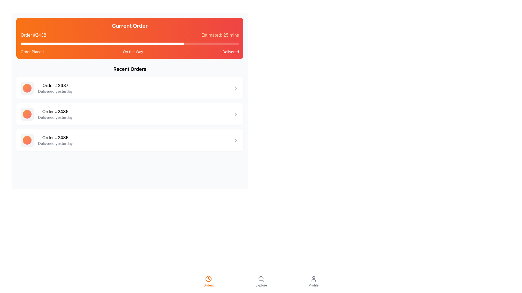 The height and width of the screenshot is (293, 522). What do you see at coordinates (208, 281) in the screenshot?
I see `the 'Orders' navigational button` at bounding box center [208, 281].